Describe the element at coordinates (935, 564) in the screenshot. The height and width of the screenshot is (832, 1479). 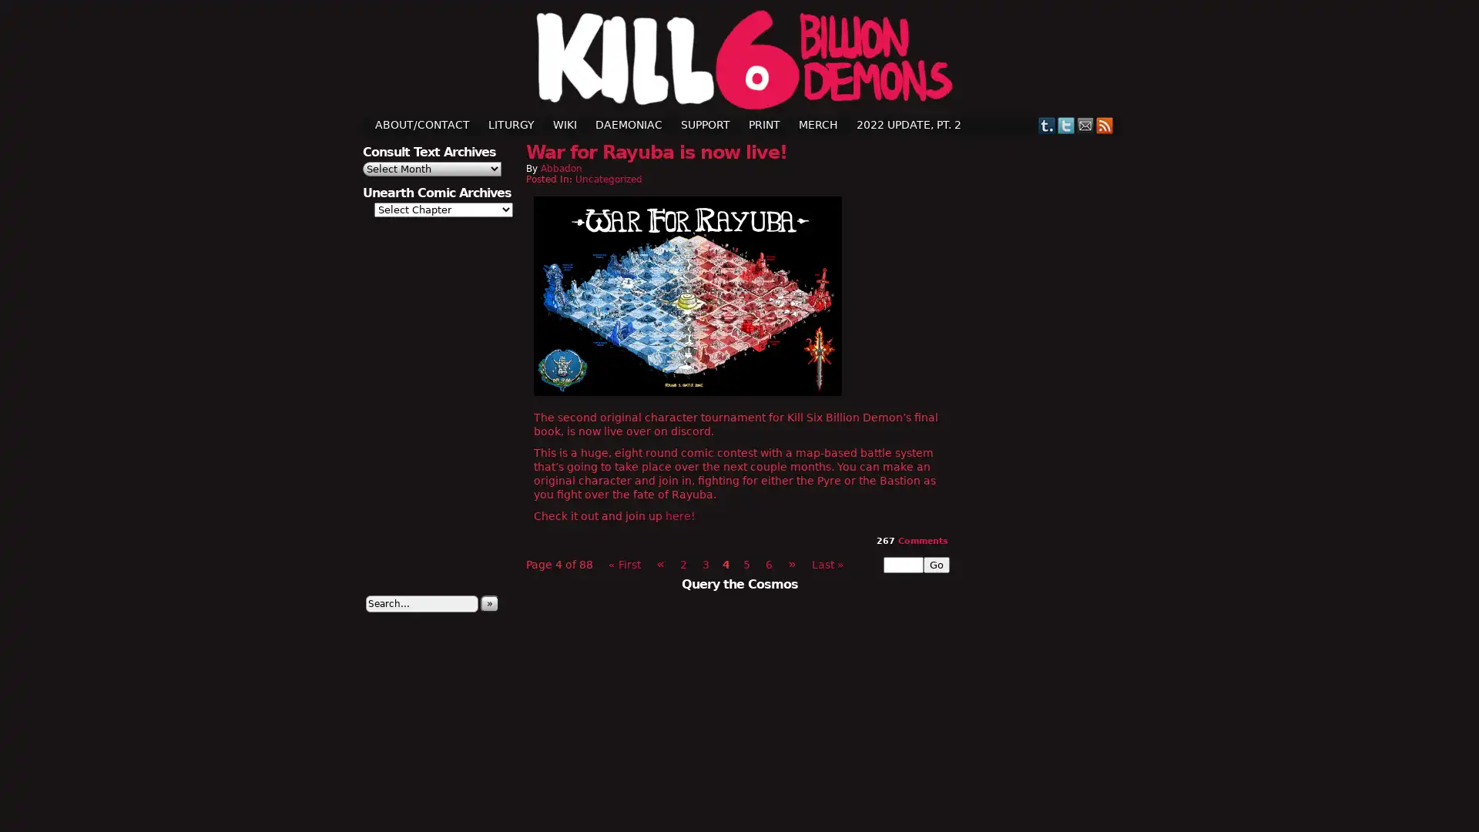
I see `Go` at that location.